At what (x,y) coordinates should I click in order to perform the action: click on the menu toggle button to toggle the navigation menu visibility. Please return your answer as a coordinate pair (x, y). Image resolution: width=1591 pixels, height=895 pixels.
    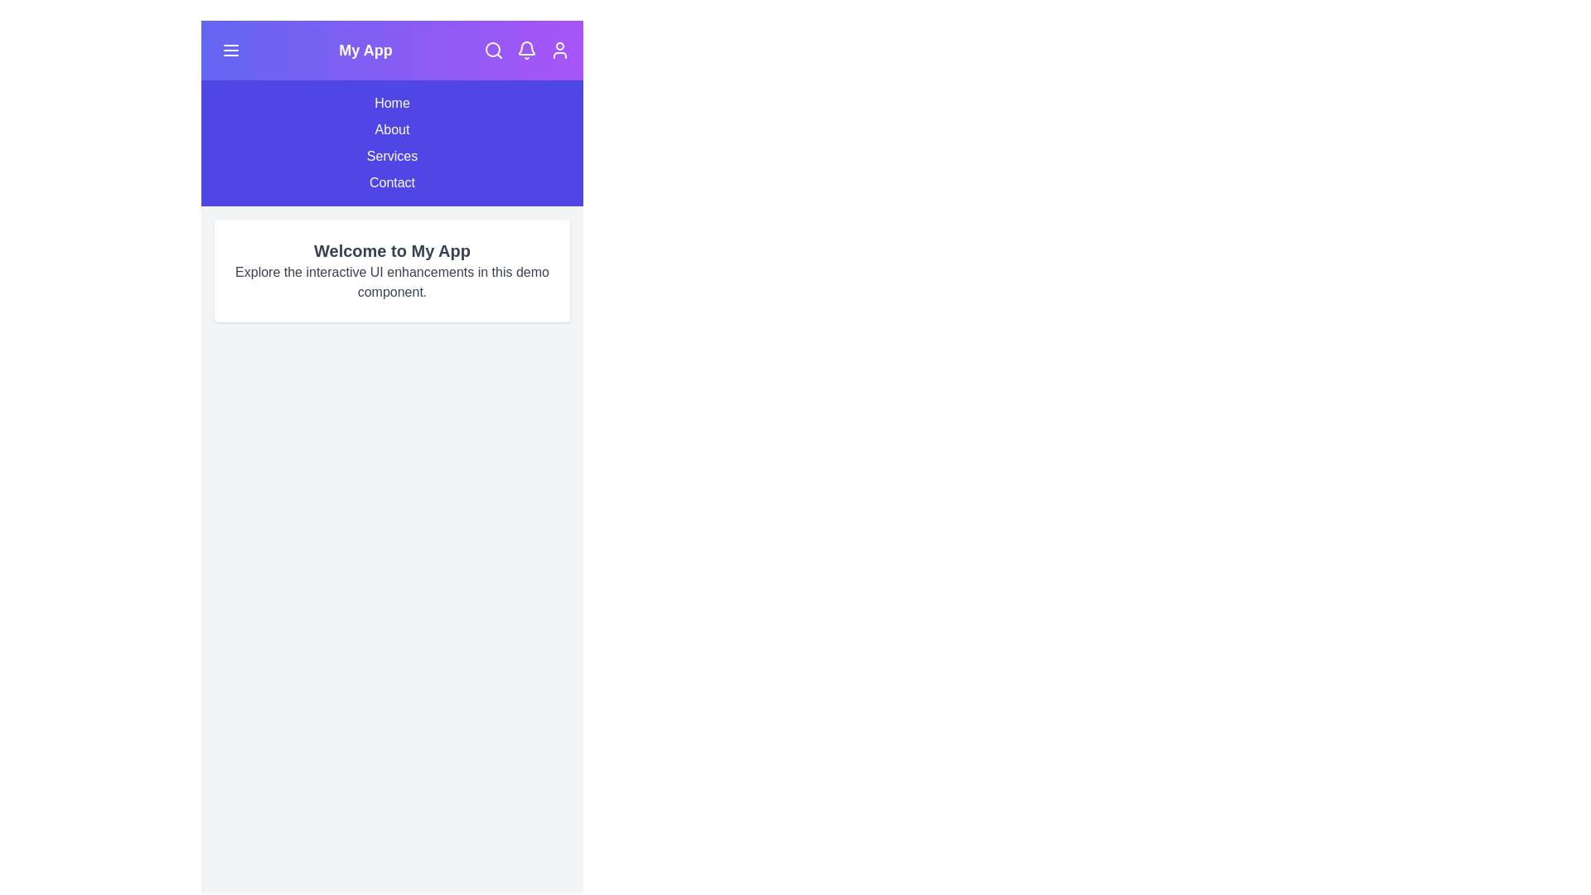
    Looking at the image, I should click on (230, 50).